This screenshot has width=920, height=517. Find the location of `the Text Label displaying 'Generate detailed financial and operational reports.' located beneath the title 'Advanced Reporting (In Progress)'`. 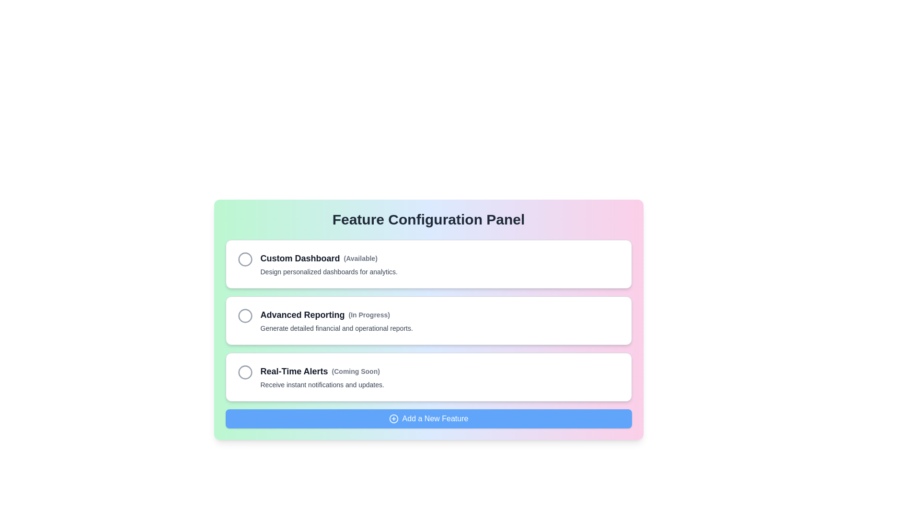

the Text Label displaying 'Generate detailed financial and operational reports.' located beneath the title 'Advanced Reporting (In Progress)' is located at coordinates (336, 328).